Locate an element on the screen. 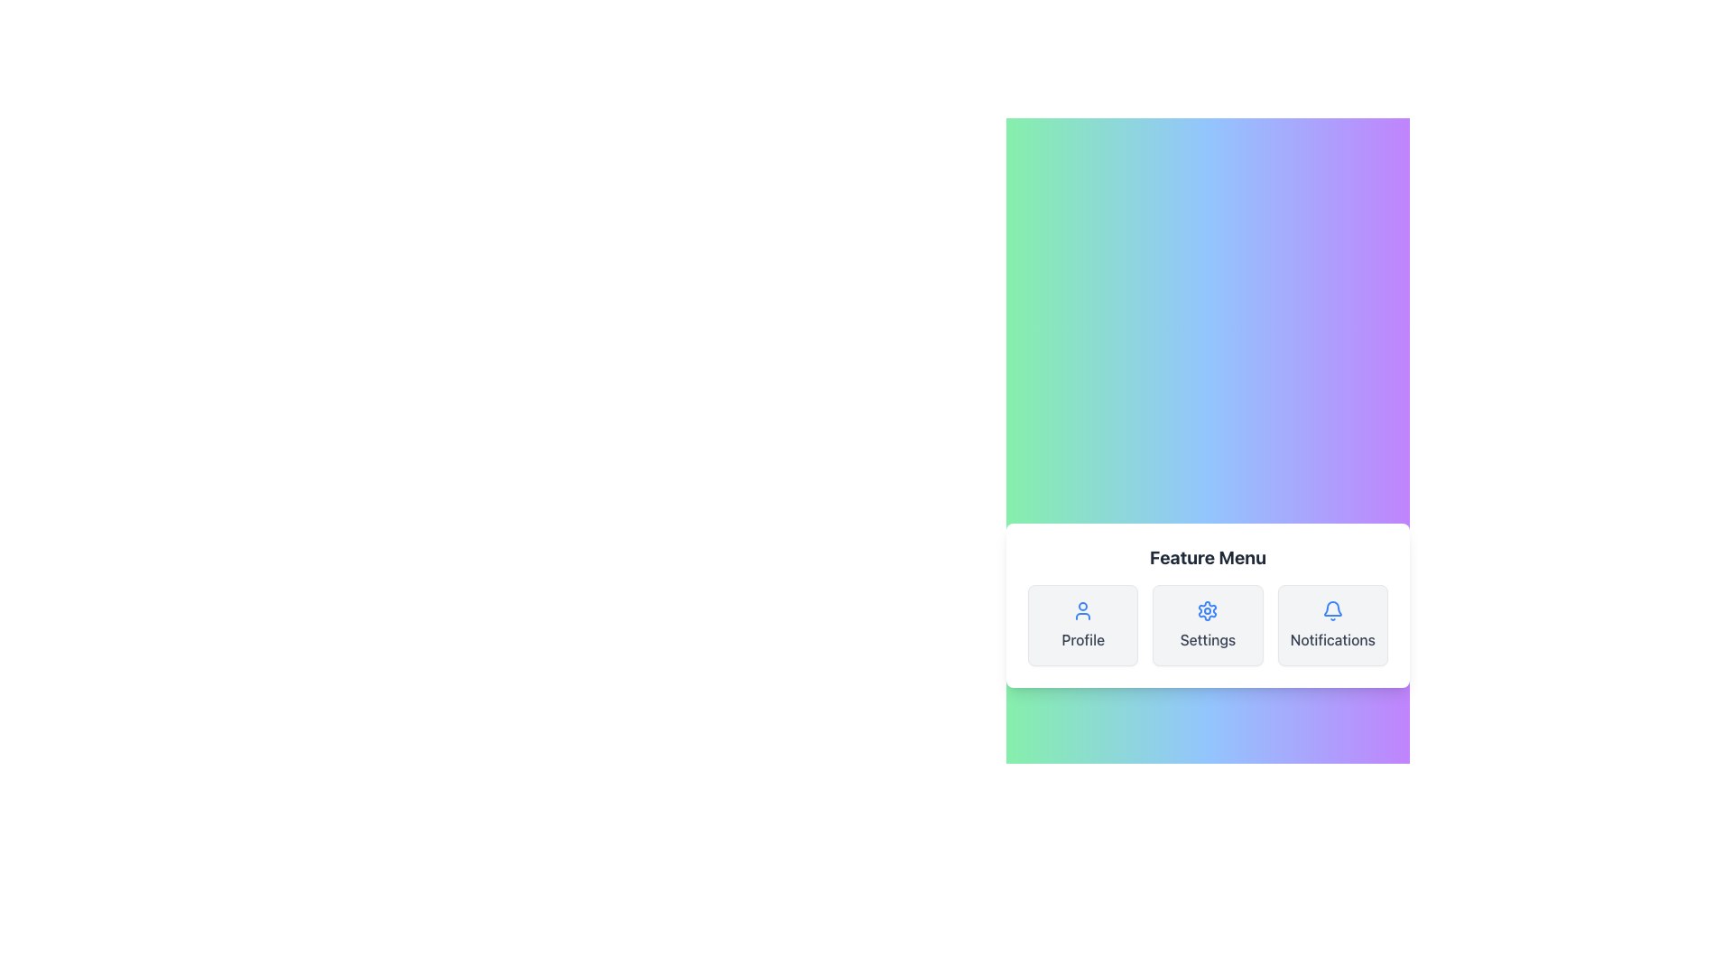 The width and height of the screenshot is (1733, 975). the central button in the Feature Menu grid, which contains the 'Settings' option with a blue icon and medium-gray text is located at coordinates (1208, 625).